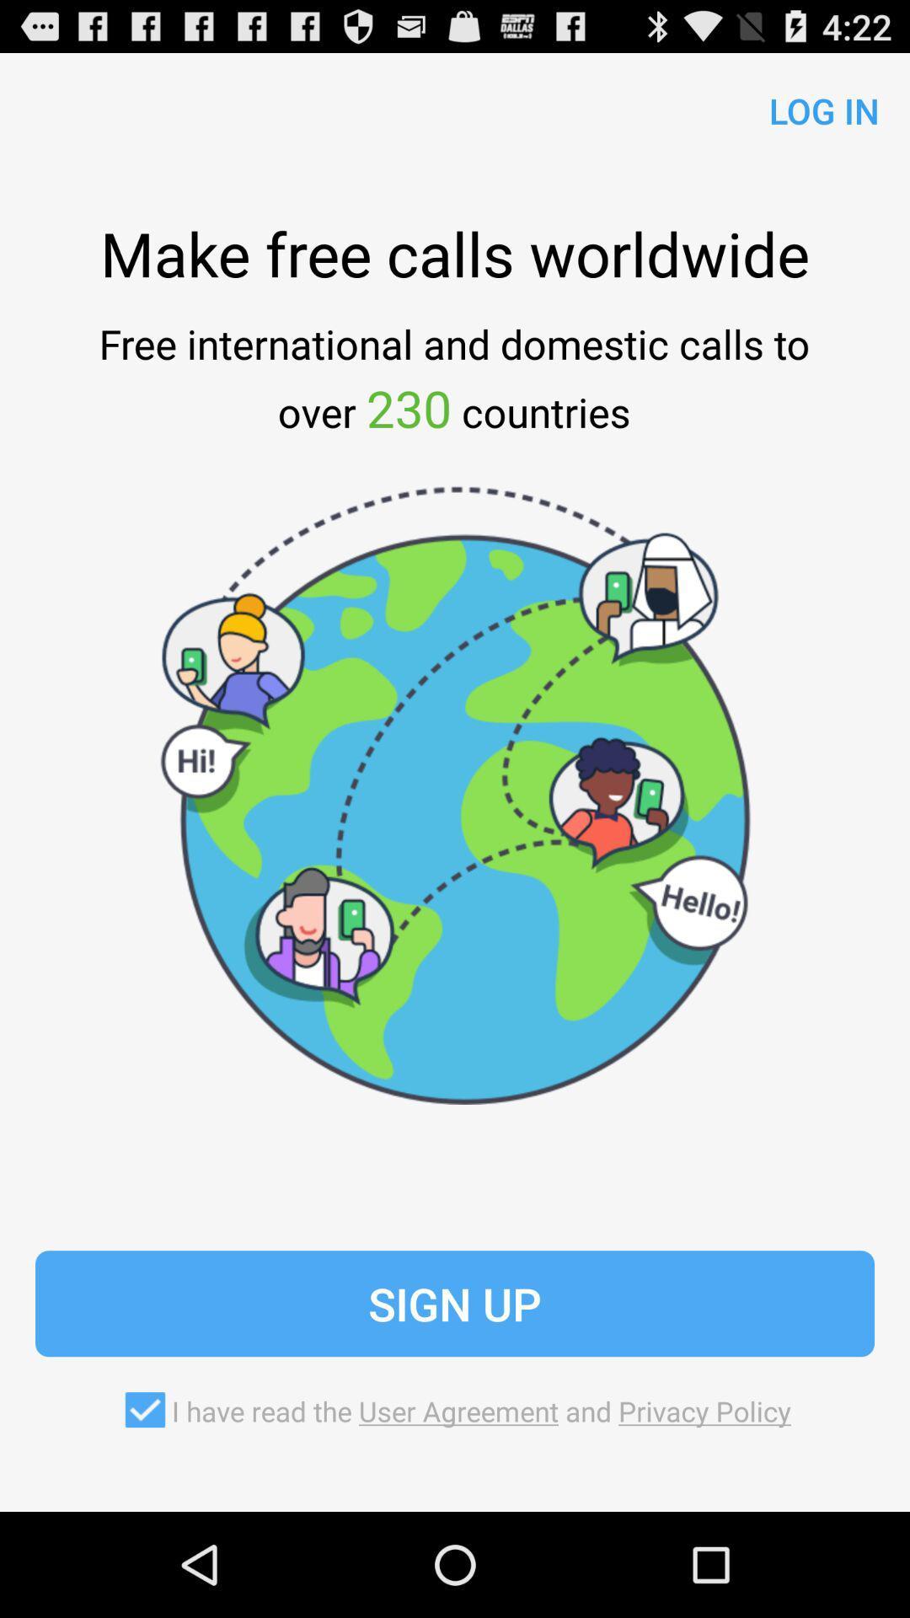  I want to click on the item below sign up, so click(455, 1410).